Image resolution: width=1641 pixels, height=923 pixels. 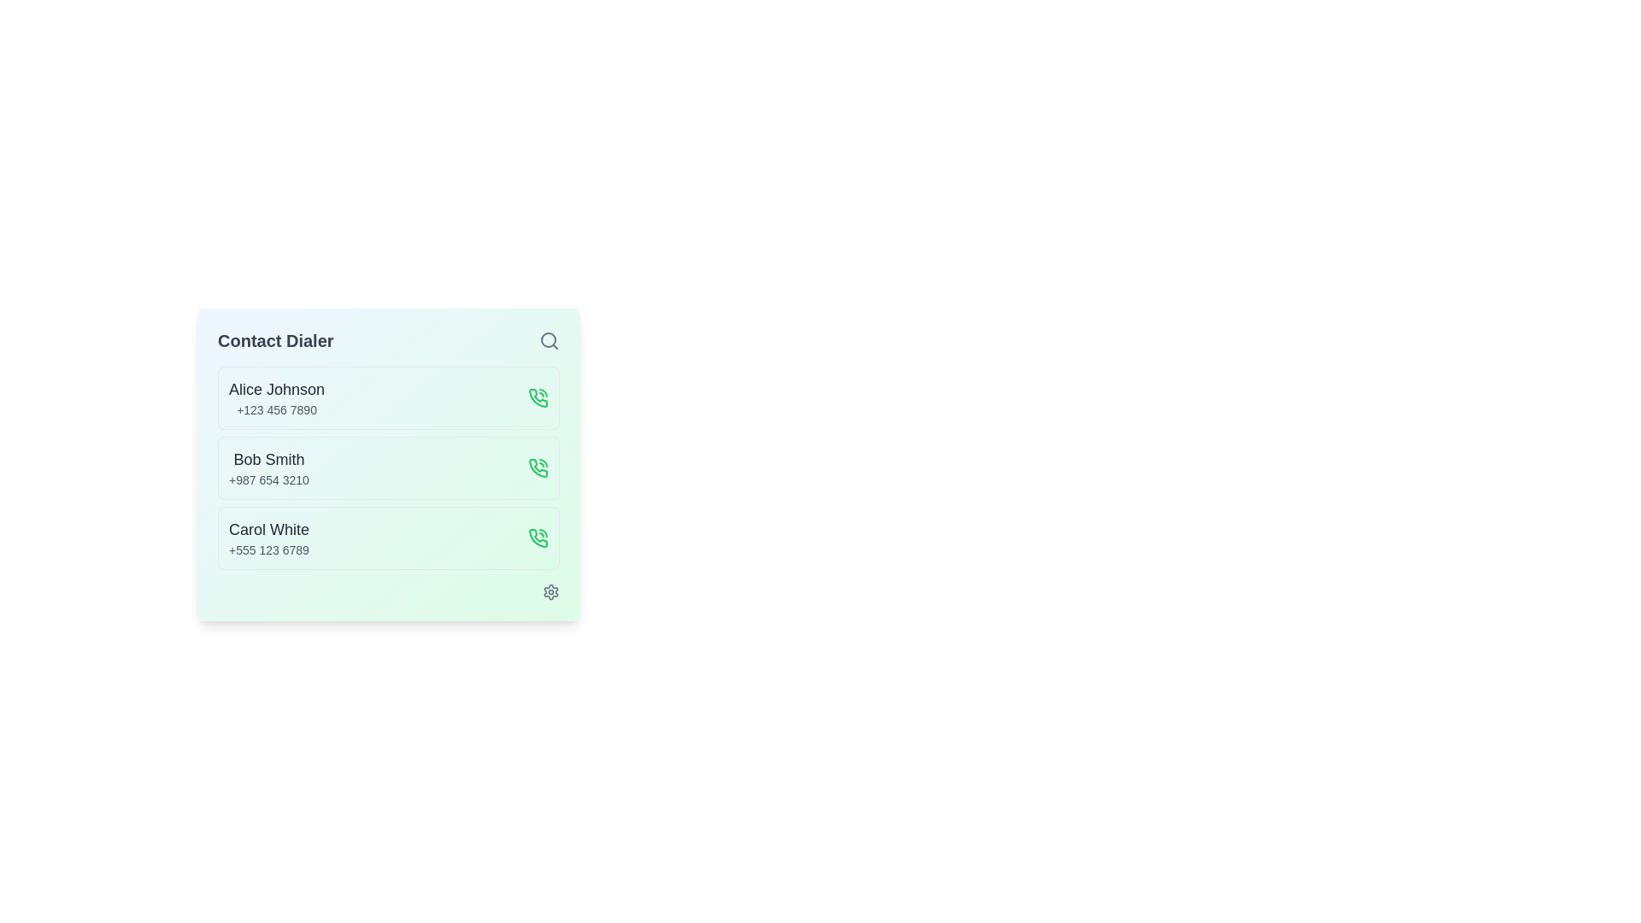 I want to click on the phone number '+555 123 6789' displayed in gray text, located beneath the name 'Carol White' in the third contact card within the 'Contact Dialer' interface, so click(x=268, y=550).